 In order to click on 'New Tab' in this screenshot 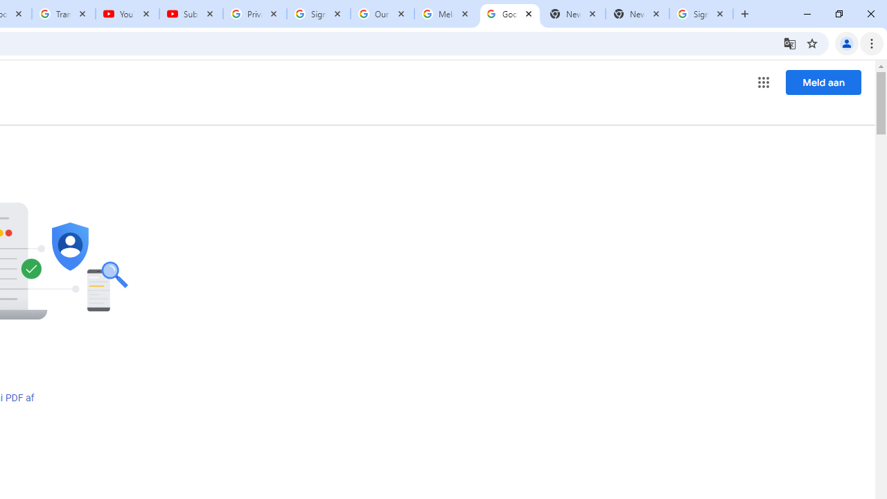, I will do `click(637, 14)`.